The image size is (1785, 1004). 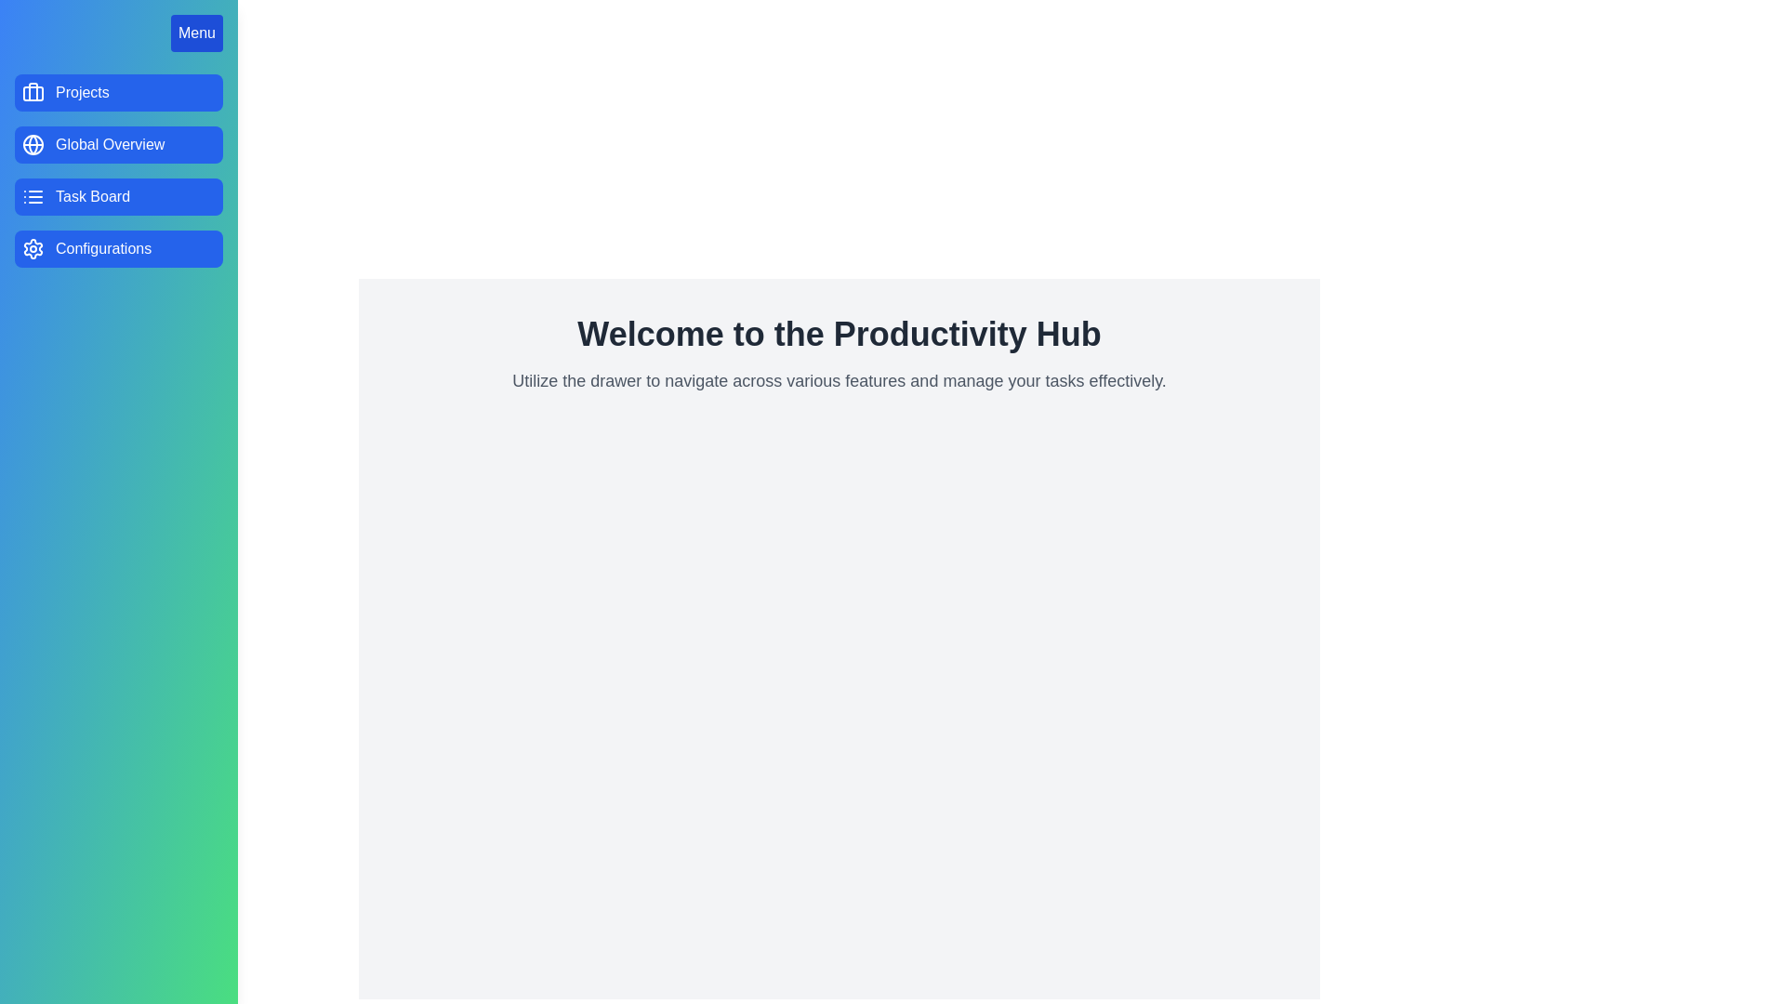 I want to click on the 'Menu' button to toggle the drawer visibility, so click(x=196, y=33).